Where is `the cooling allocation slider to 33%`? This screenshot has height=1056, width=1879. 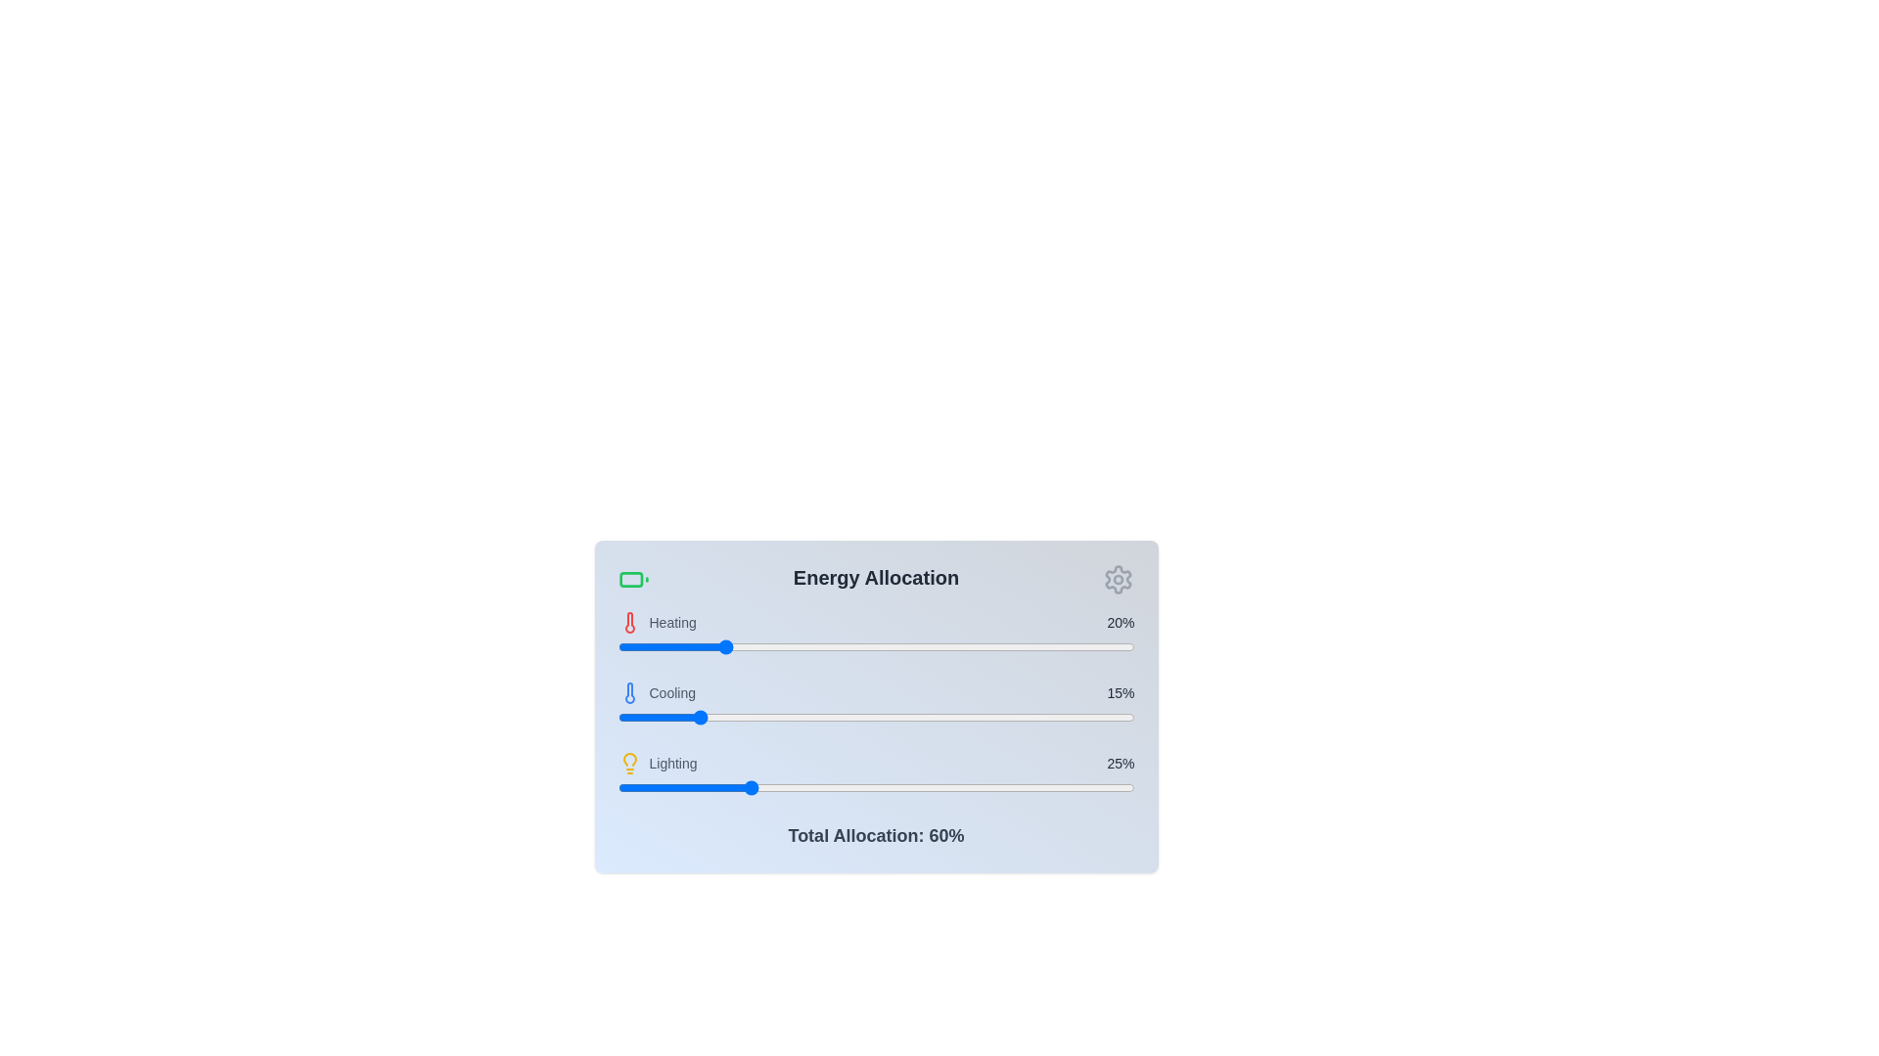
the cooling allocation slider to 33% is located at coordinates (788, 717).